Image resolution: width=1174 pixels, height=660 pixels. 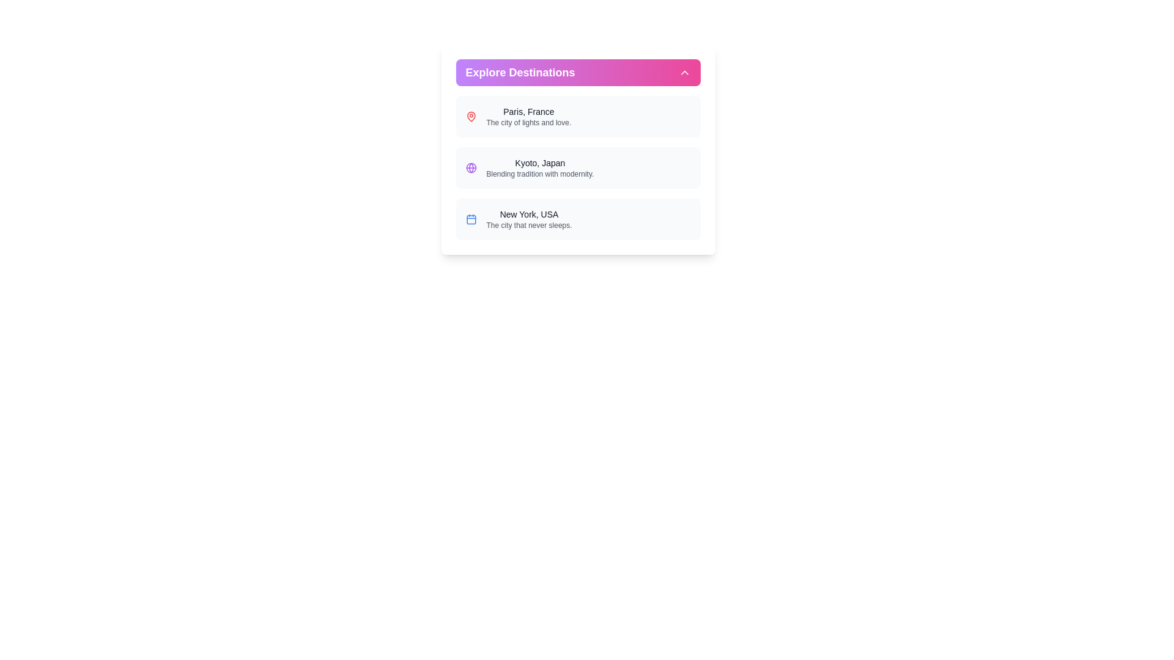 I want to click on the List item card representing 'Kyoto, Japan' in the 'Explore Destinations' section by clicking on it, so click(x=577, y=167).